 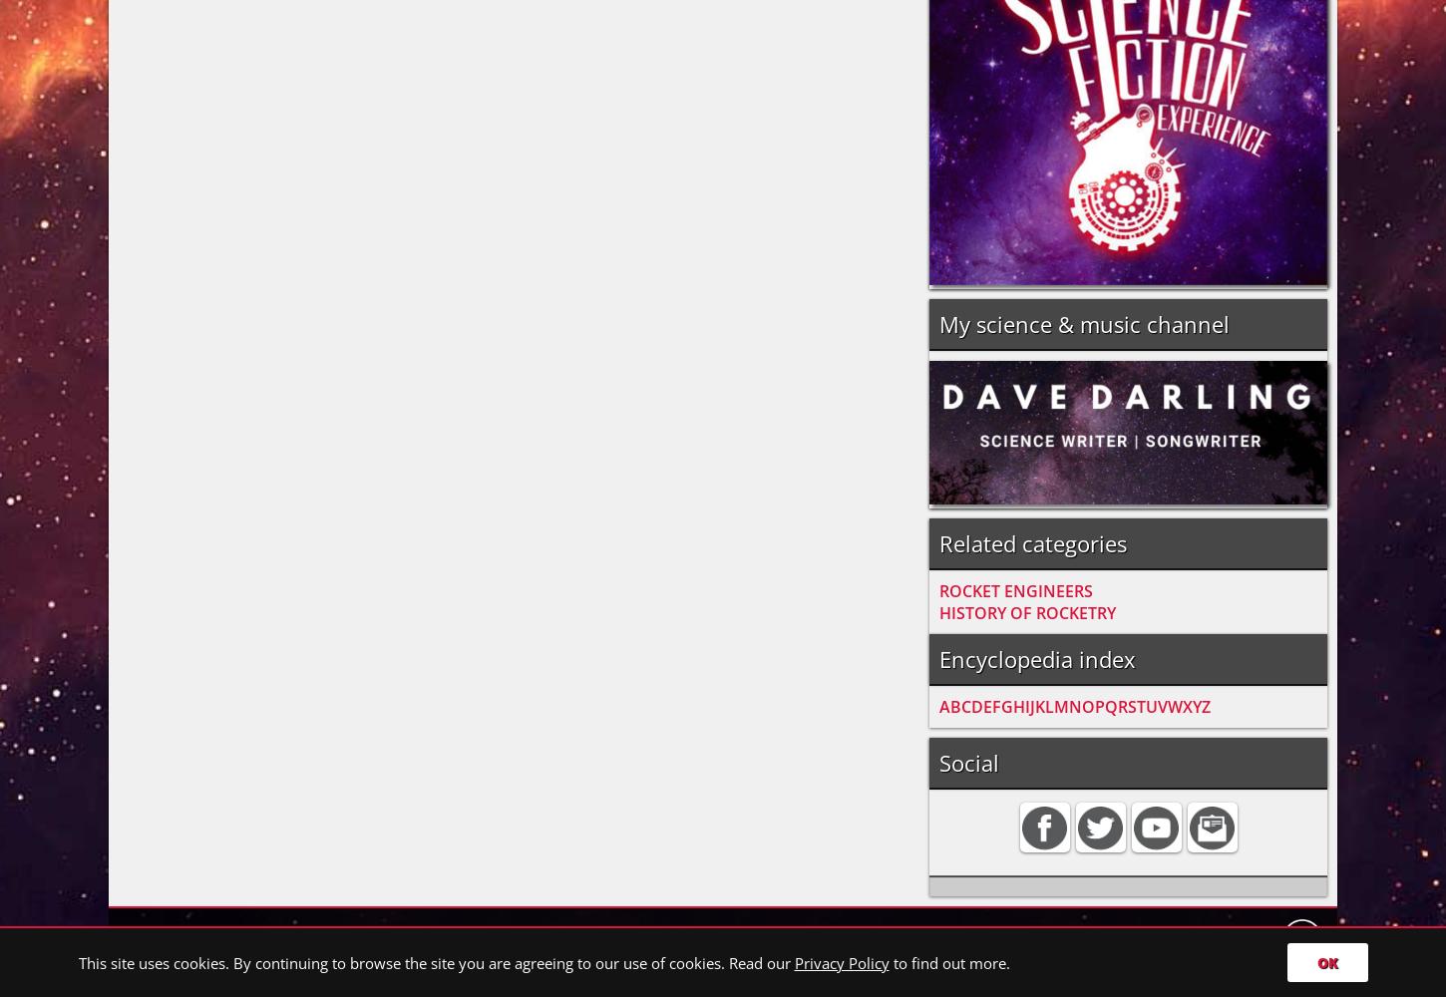 I want to click on 'X', so click(x=1187, y=705).